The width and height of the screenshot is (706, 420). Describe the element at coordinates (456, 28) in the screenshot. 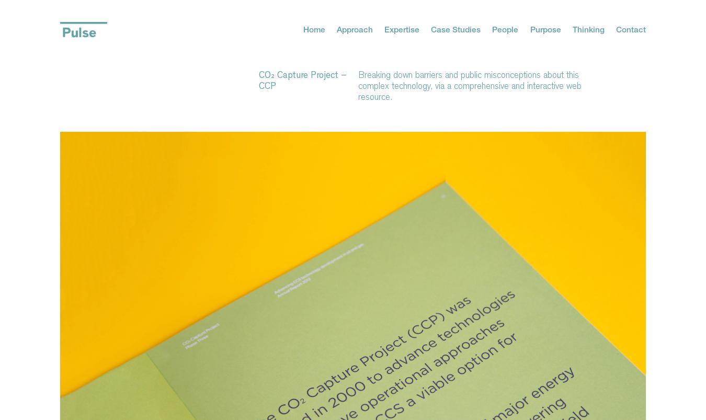

I see `'Case Studies'` at that location.